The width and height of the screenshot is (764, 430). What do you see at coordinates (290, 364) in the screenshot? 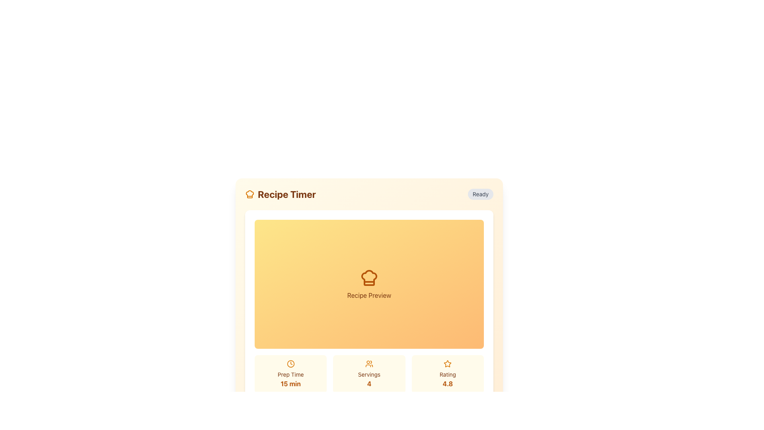
I see `the 'Prep Time' icon that visually represents preparation time, located in the first column of the horizontally divided section at the bottom of the card` at bounding box center [290, 364].